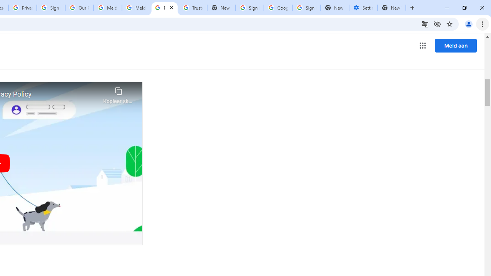 The height and width of the screenshot is (276, 491). I want to click on 'Meld aan', so click(456, 45).